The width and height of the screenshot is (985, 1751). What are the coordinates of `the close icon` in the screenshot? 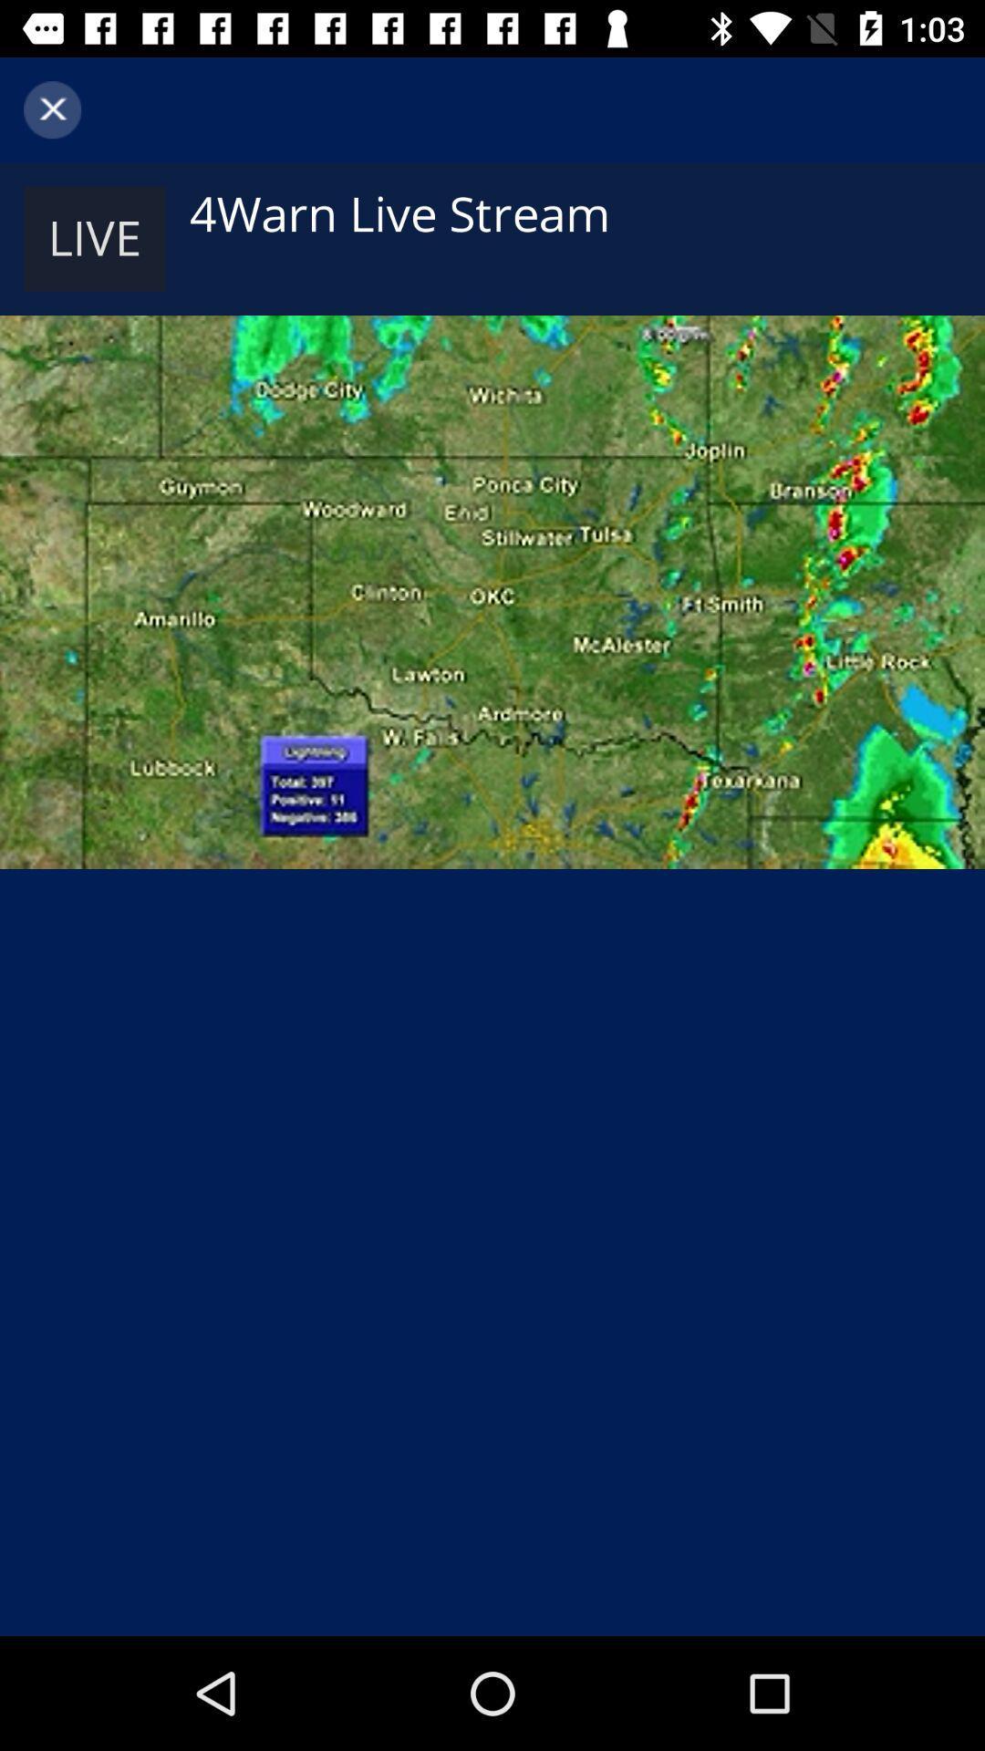 It's located at (51, 109).